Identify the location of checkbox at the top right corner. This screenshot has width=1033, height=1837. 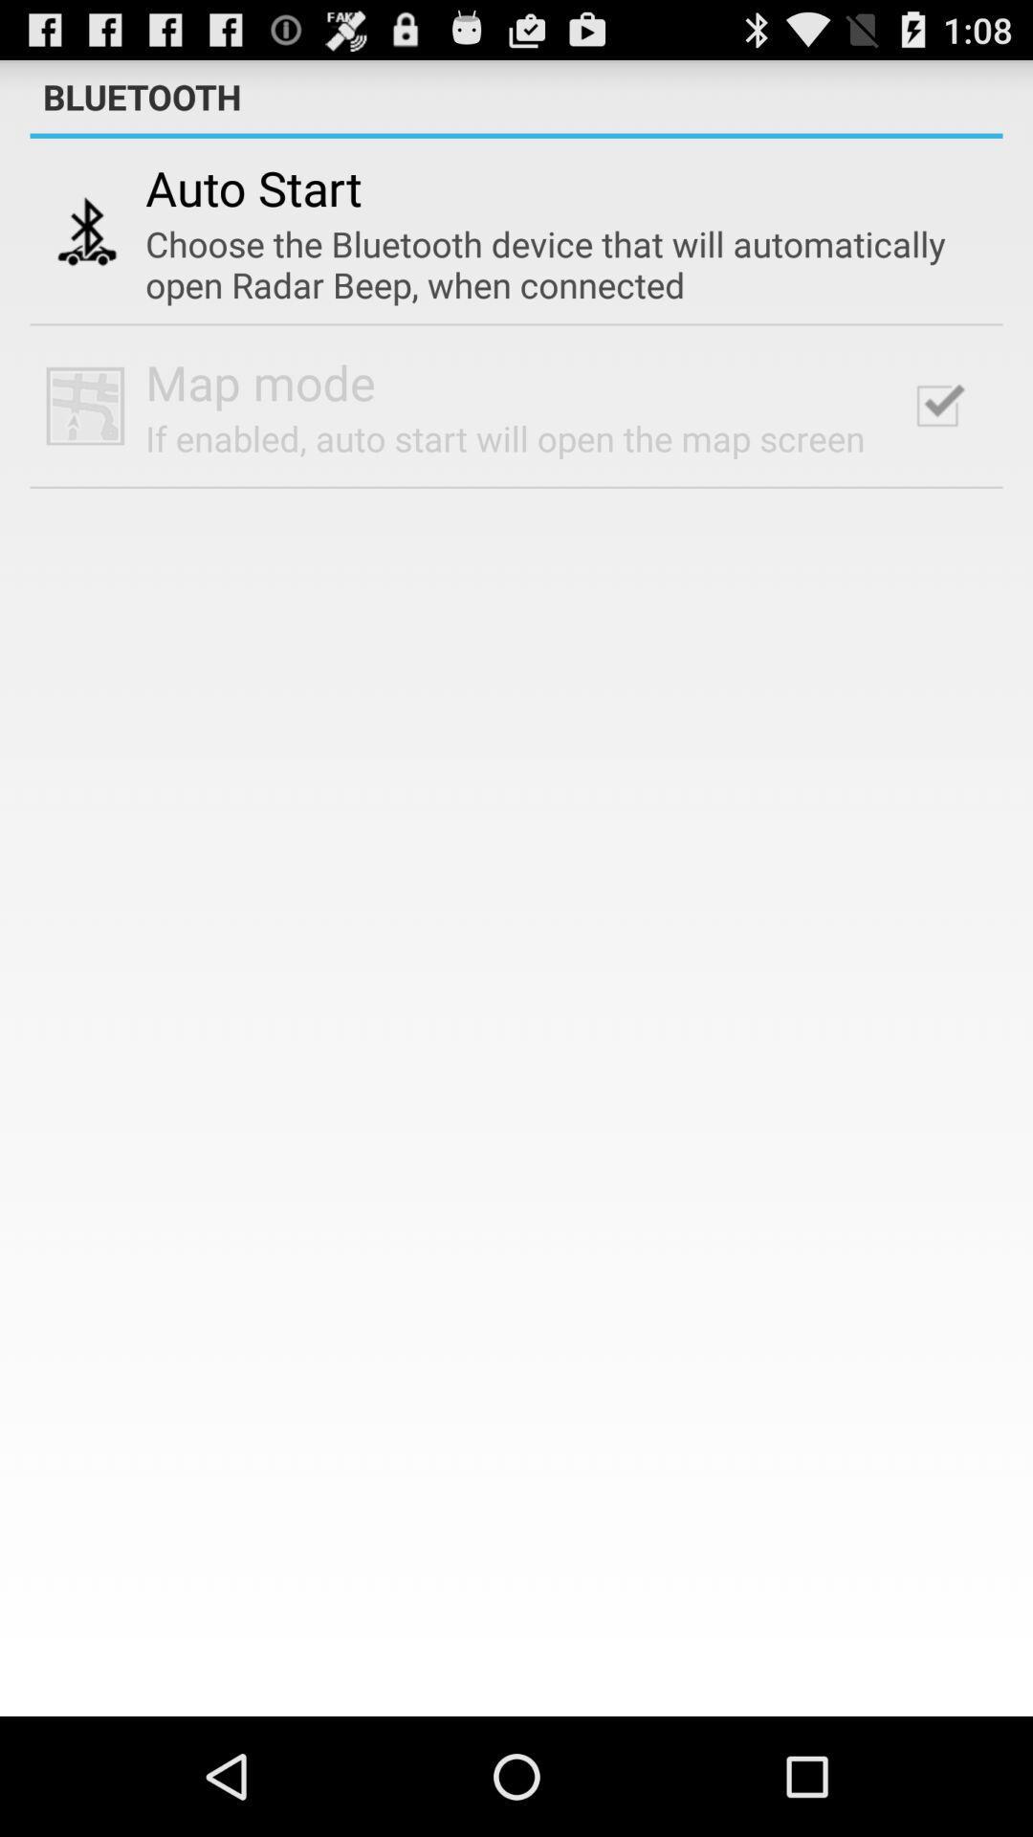
(936, 405).